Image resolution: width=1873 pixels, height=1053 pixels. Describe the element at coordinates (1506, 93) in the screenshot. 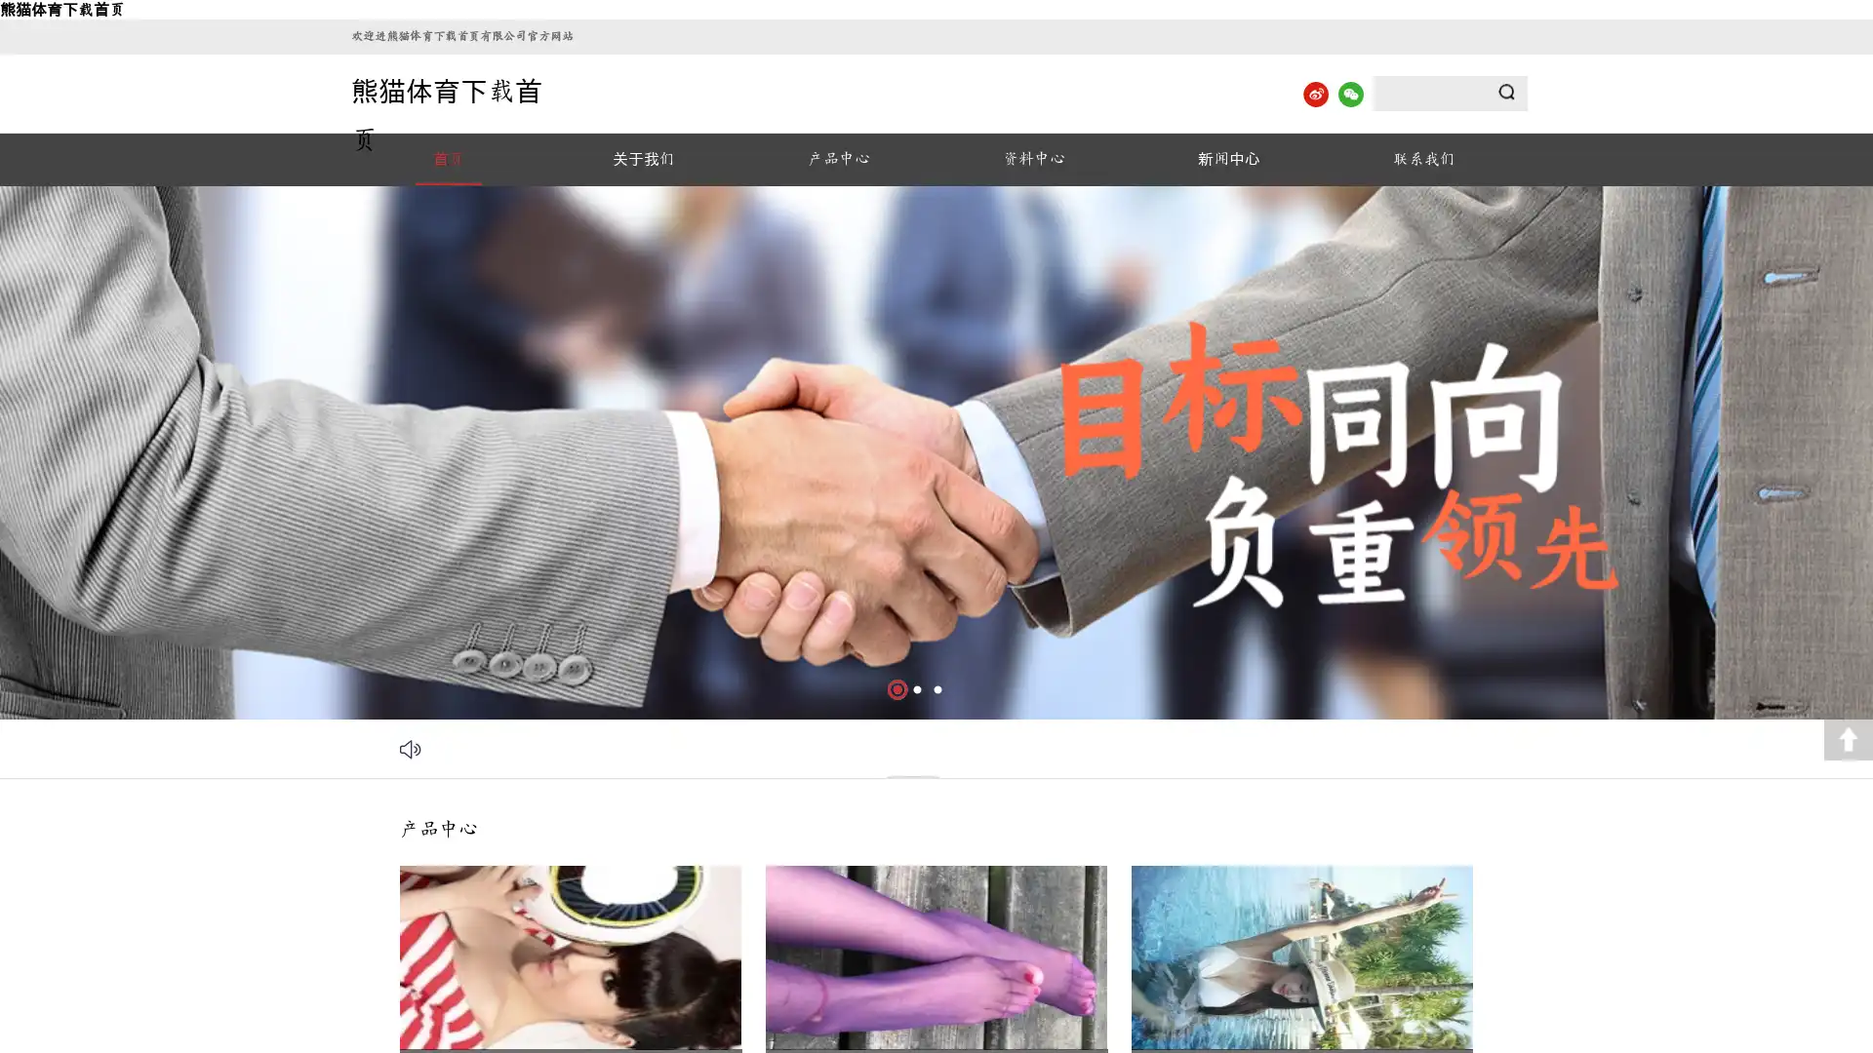

I see `Submit` at that location.